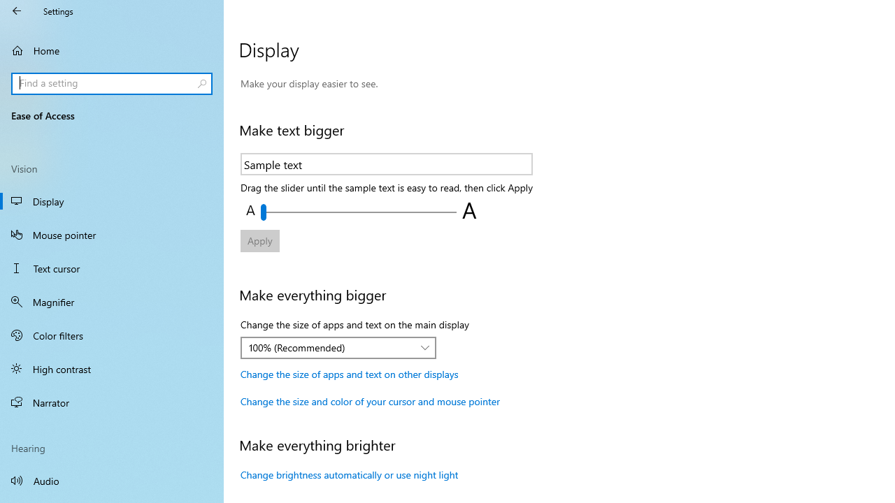  I want to click on 'Apply', so click(259, 240).